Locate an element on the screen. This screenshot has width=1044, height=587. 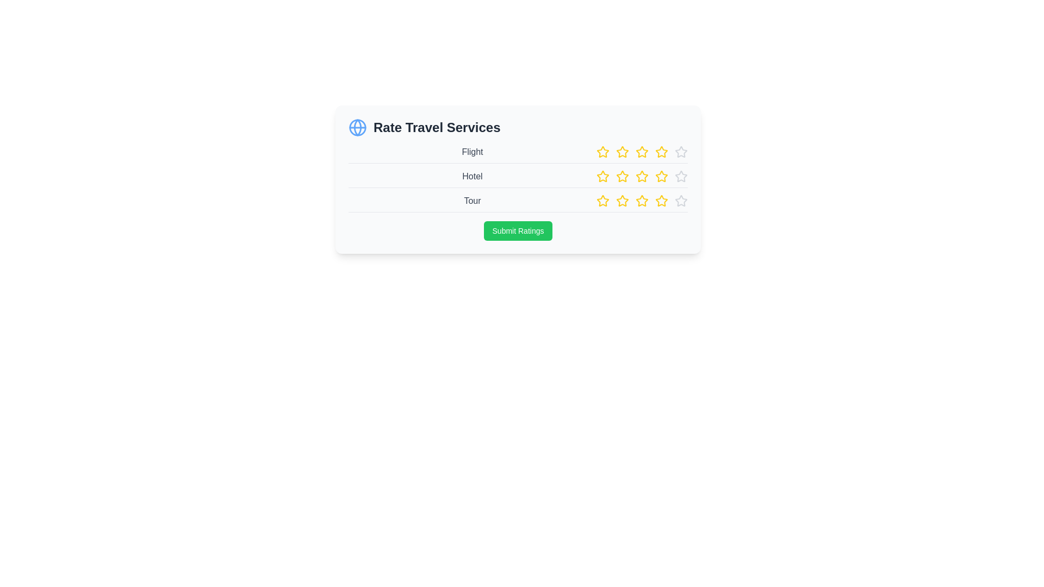
the fifth star icon in the rating system labeled 'Flight' to rate it is located at coordinates (680, 152).